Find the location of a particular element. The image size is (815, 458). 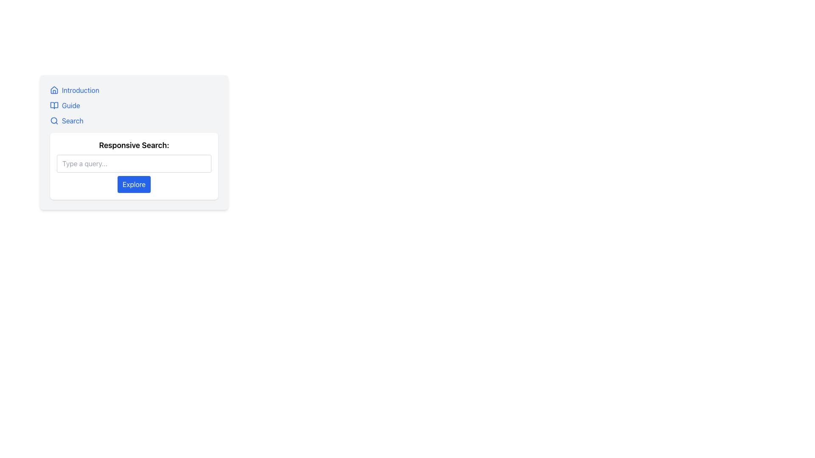

the 'Explore' button, which is a rectangular button with rounded corners, styled in blue with white text, located within a white card below the input field labeled 'Type a query...' and the heading 'Responsive Search:' is located at coordinates (134, 184).